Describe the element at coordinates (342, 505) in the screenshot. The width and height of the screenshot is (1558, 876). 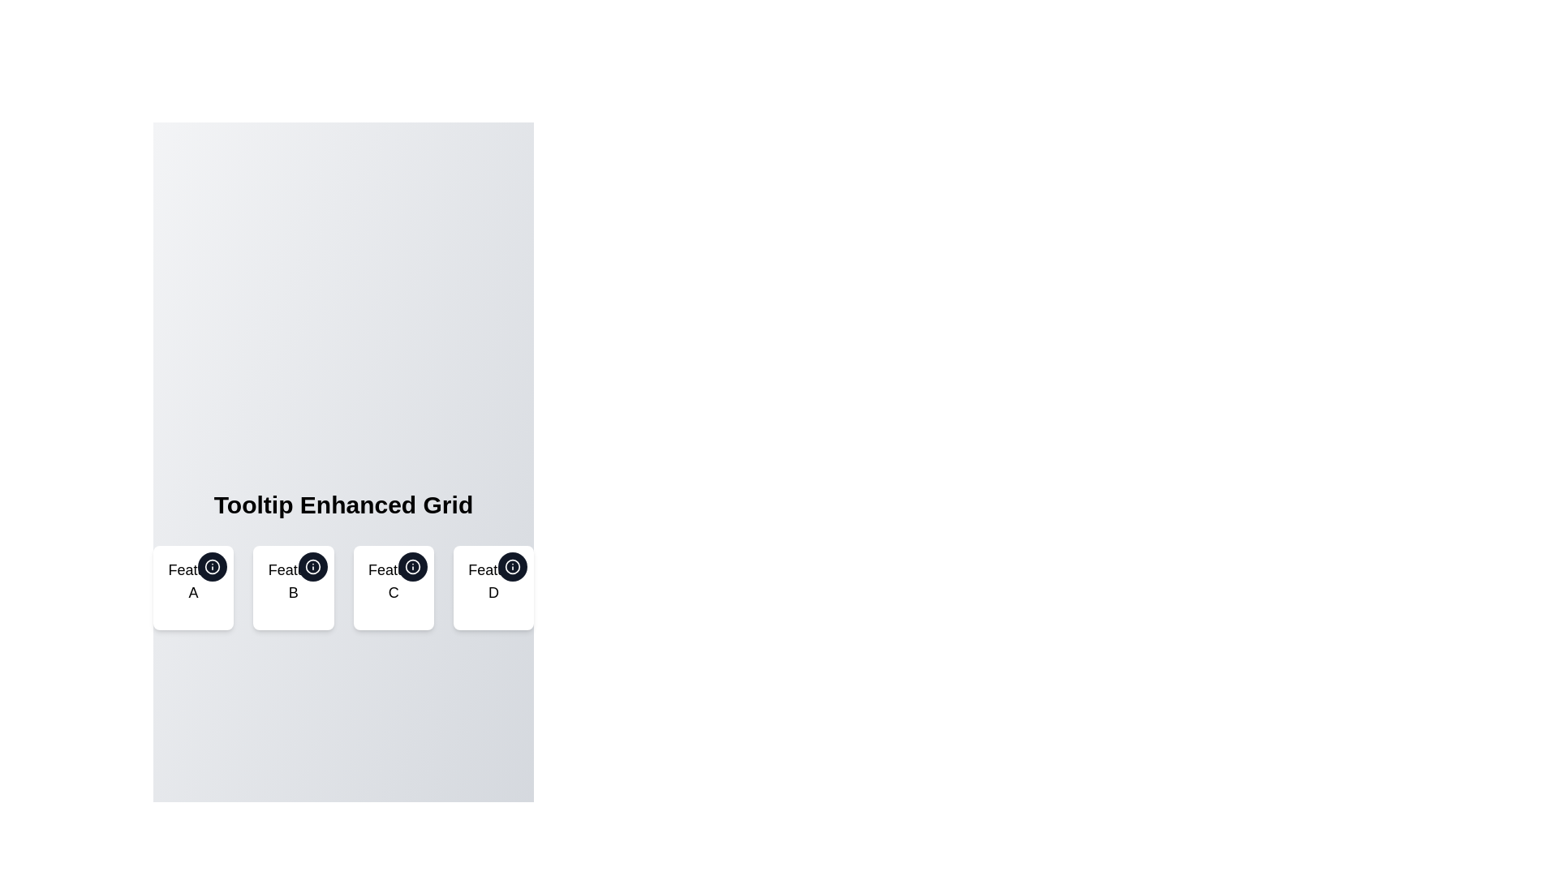
I see `the bold headline styled as 'Tooltip Enhanced Grid', which is prominently displayed and centered at the top of the feature section` at that location.